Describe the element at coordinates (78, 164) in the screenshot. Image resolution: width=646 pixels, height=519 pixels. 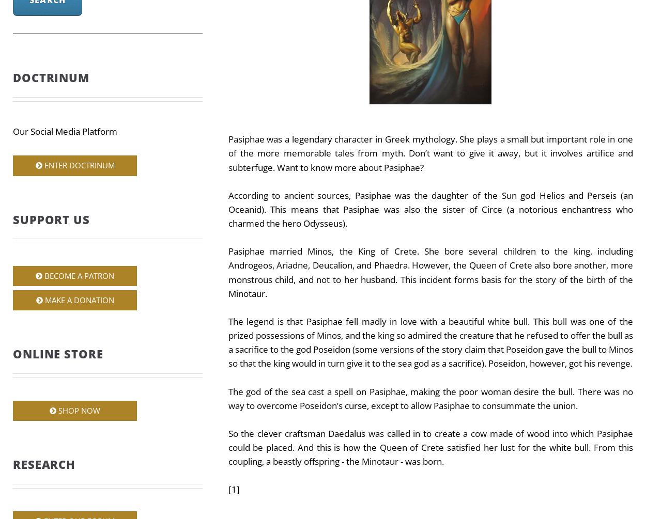
I see `'Enter Doctrinum'` at that location.